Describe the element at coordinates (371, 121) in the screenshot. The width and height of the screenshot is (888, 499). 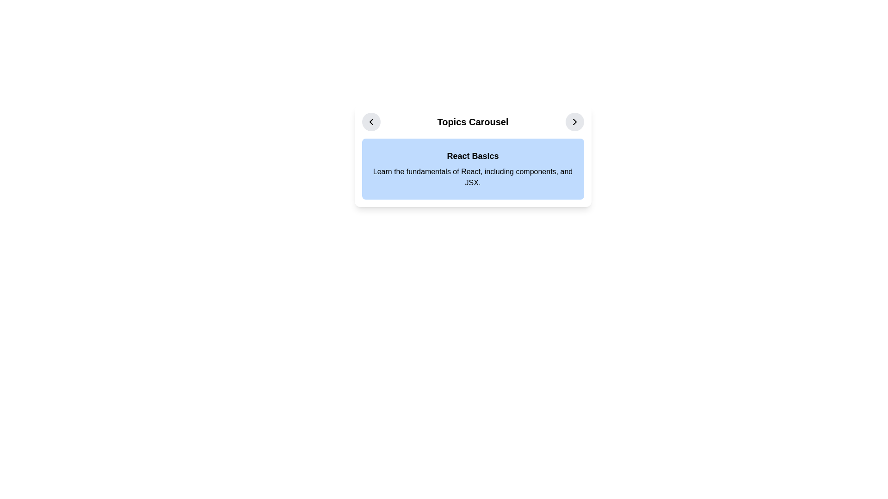
I see `the button located at the top-left corner of the 'Topics Carousel' section` at that location.